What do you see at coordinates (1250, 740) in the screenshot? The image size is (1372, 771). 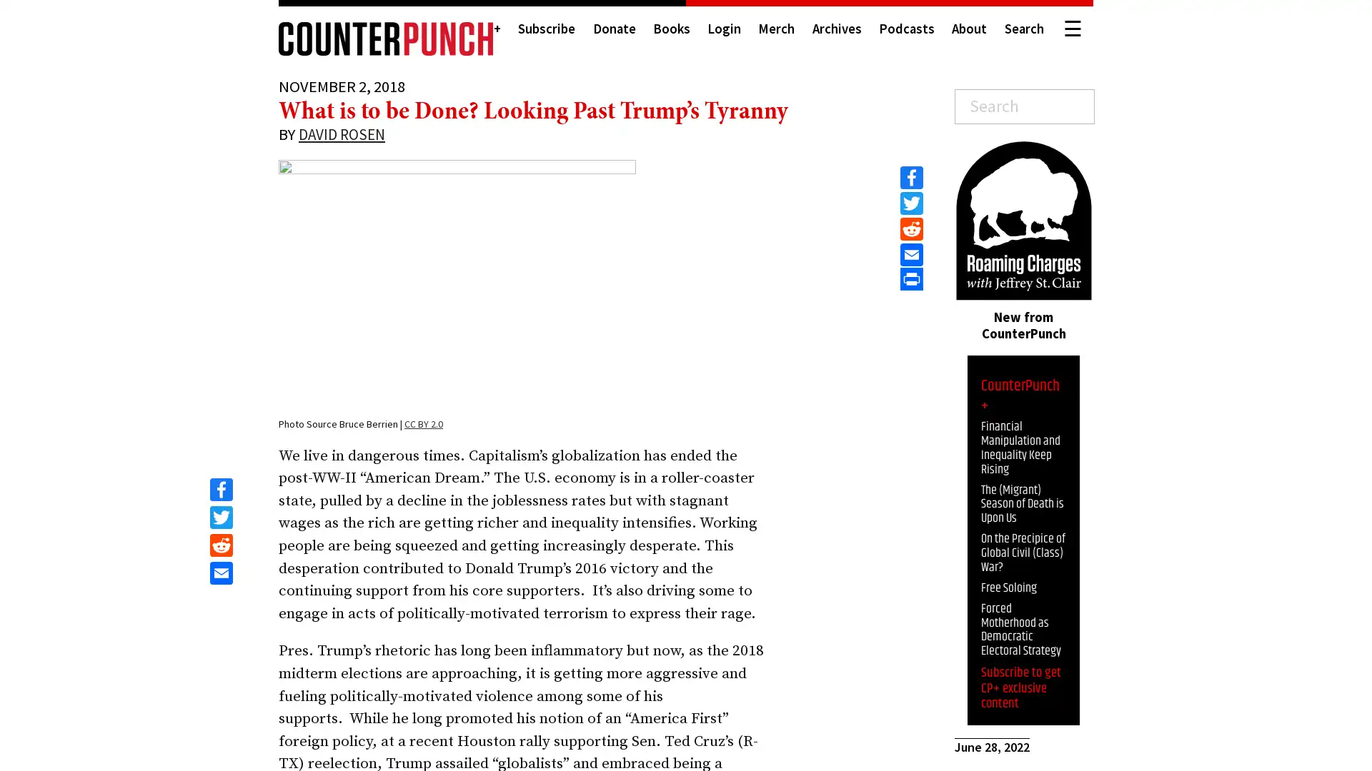 I see `Sign Up` at bounding box center [1250, 740].